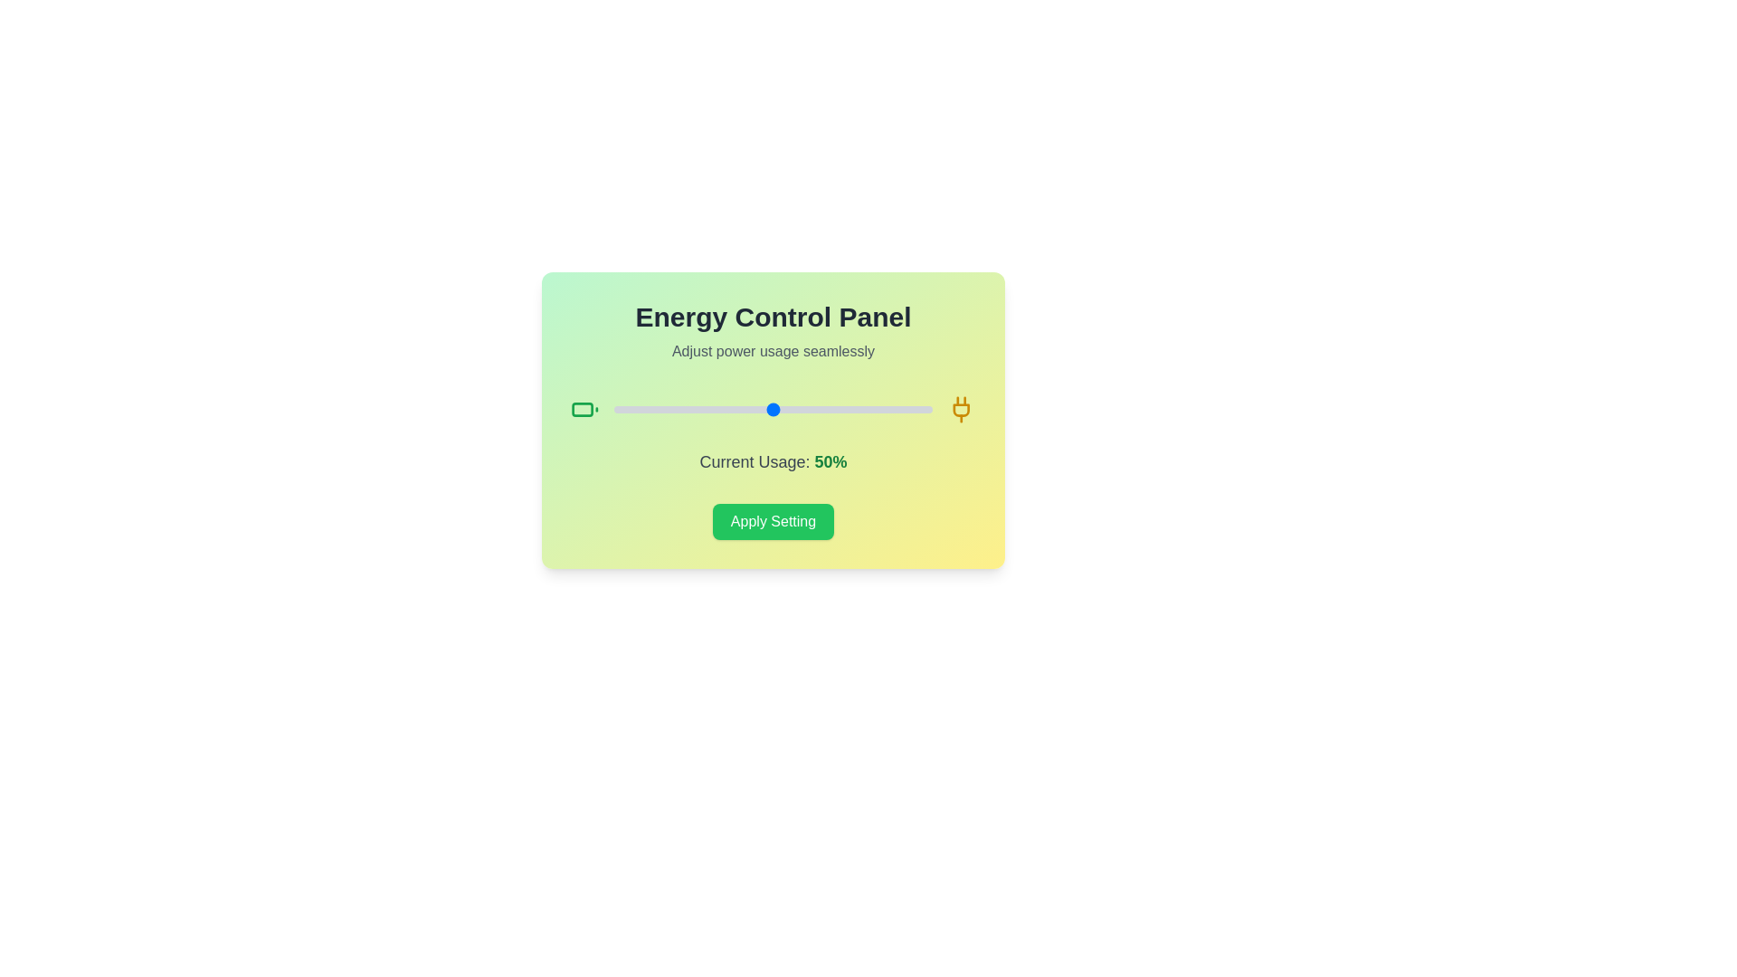 The width and height of the screenshot is (1737, 977). What do you see at coordinates (651, 409) in the screenshot?
I see `the current usage` at bounding box center [651, 409].